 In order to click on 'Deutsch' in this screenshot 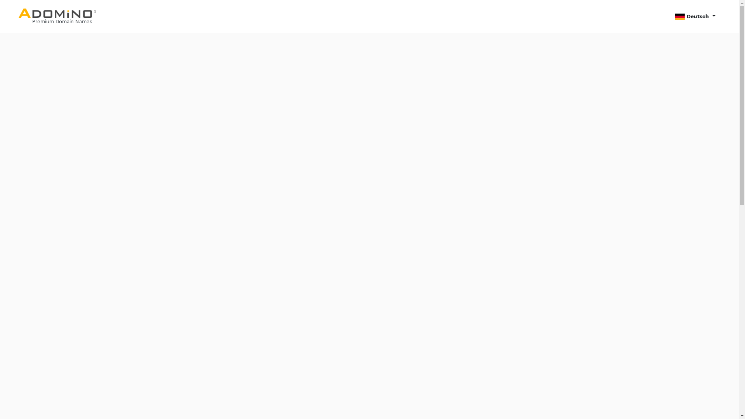, I will do `click(695, 16)`.